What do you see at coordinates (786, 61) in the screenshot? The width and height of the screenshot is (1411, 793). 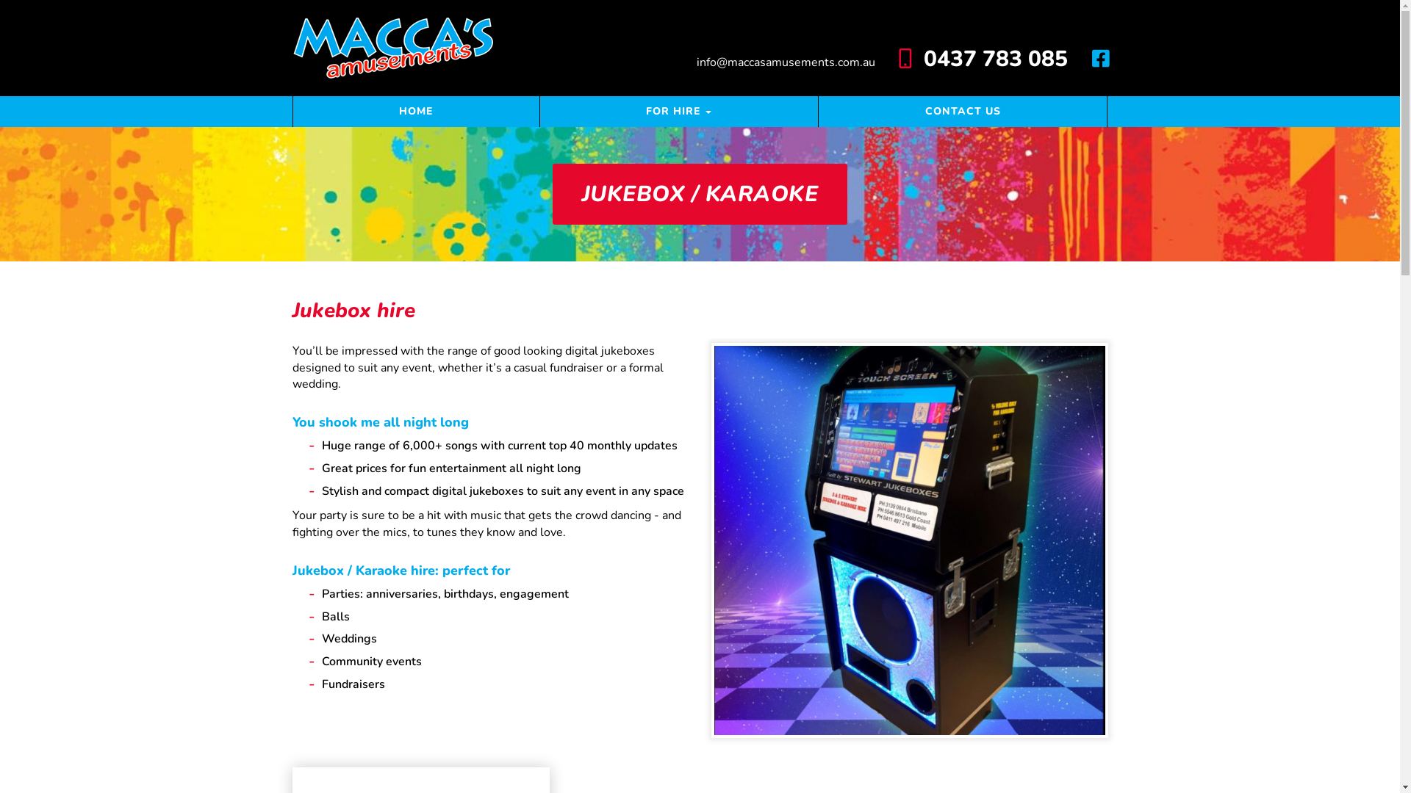 I see `'info@maccasamusements.com.au'` at bounding box center [786, 61].